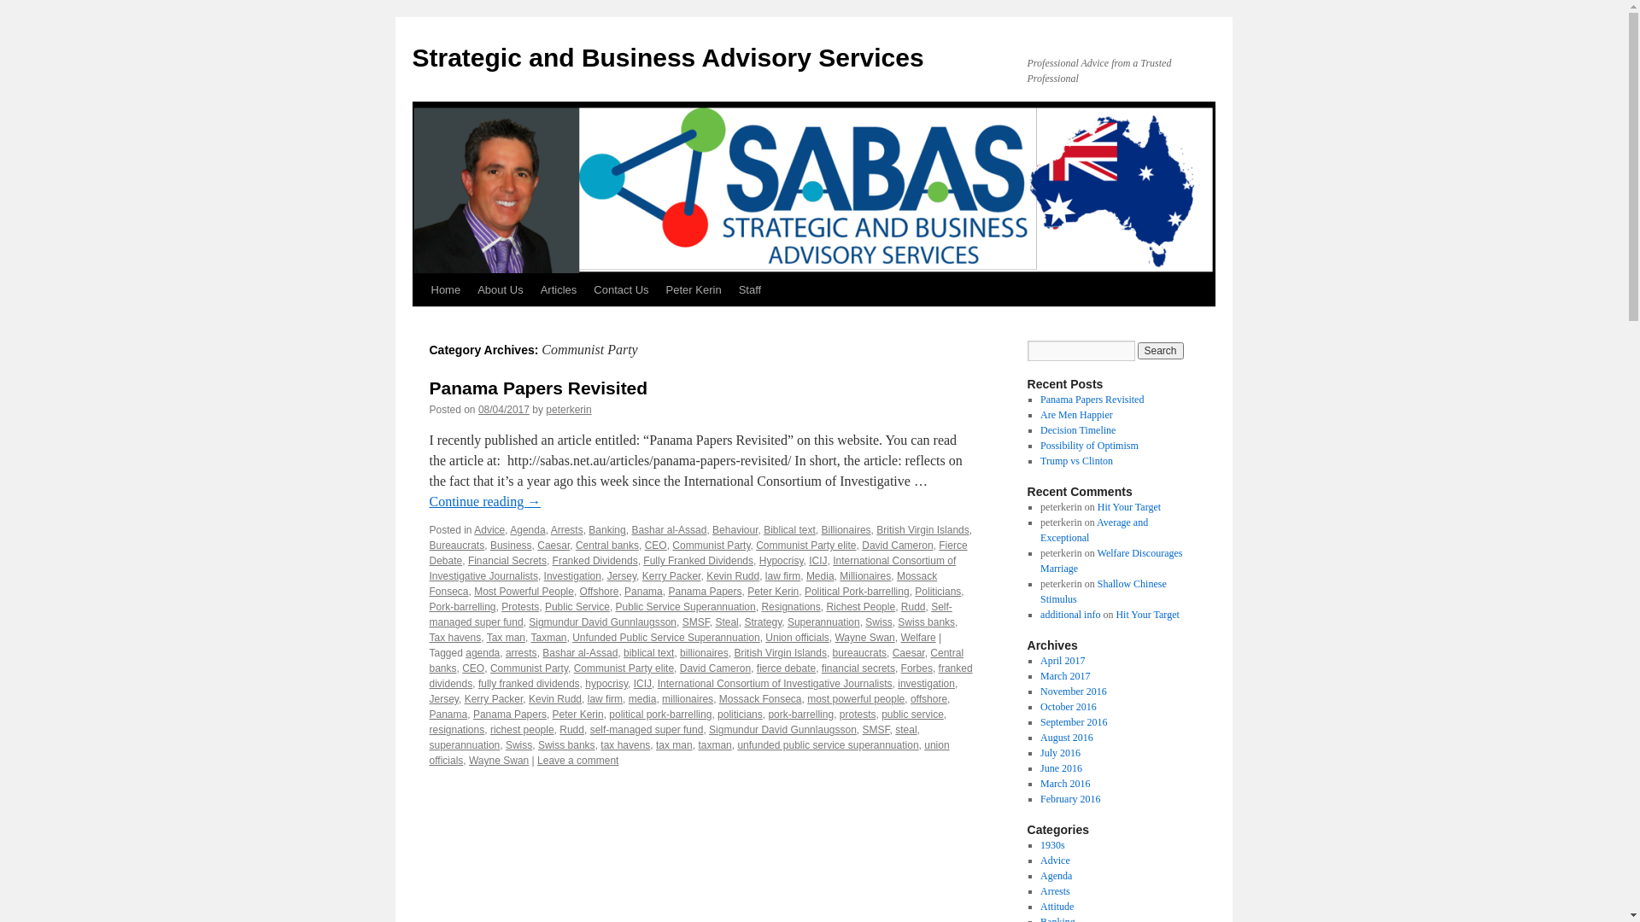  What do you see at coordinates (861, 546) in the screenshot?
I see `'David Cameron'` at bounding box center [861, 546].